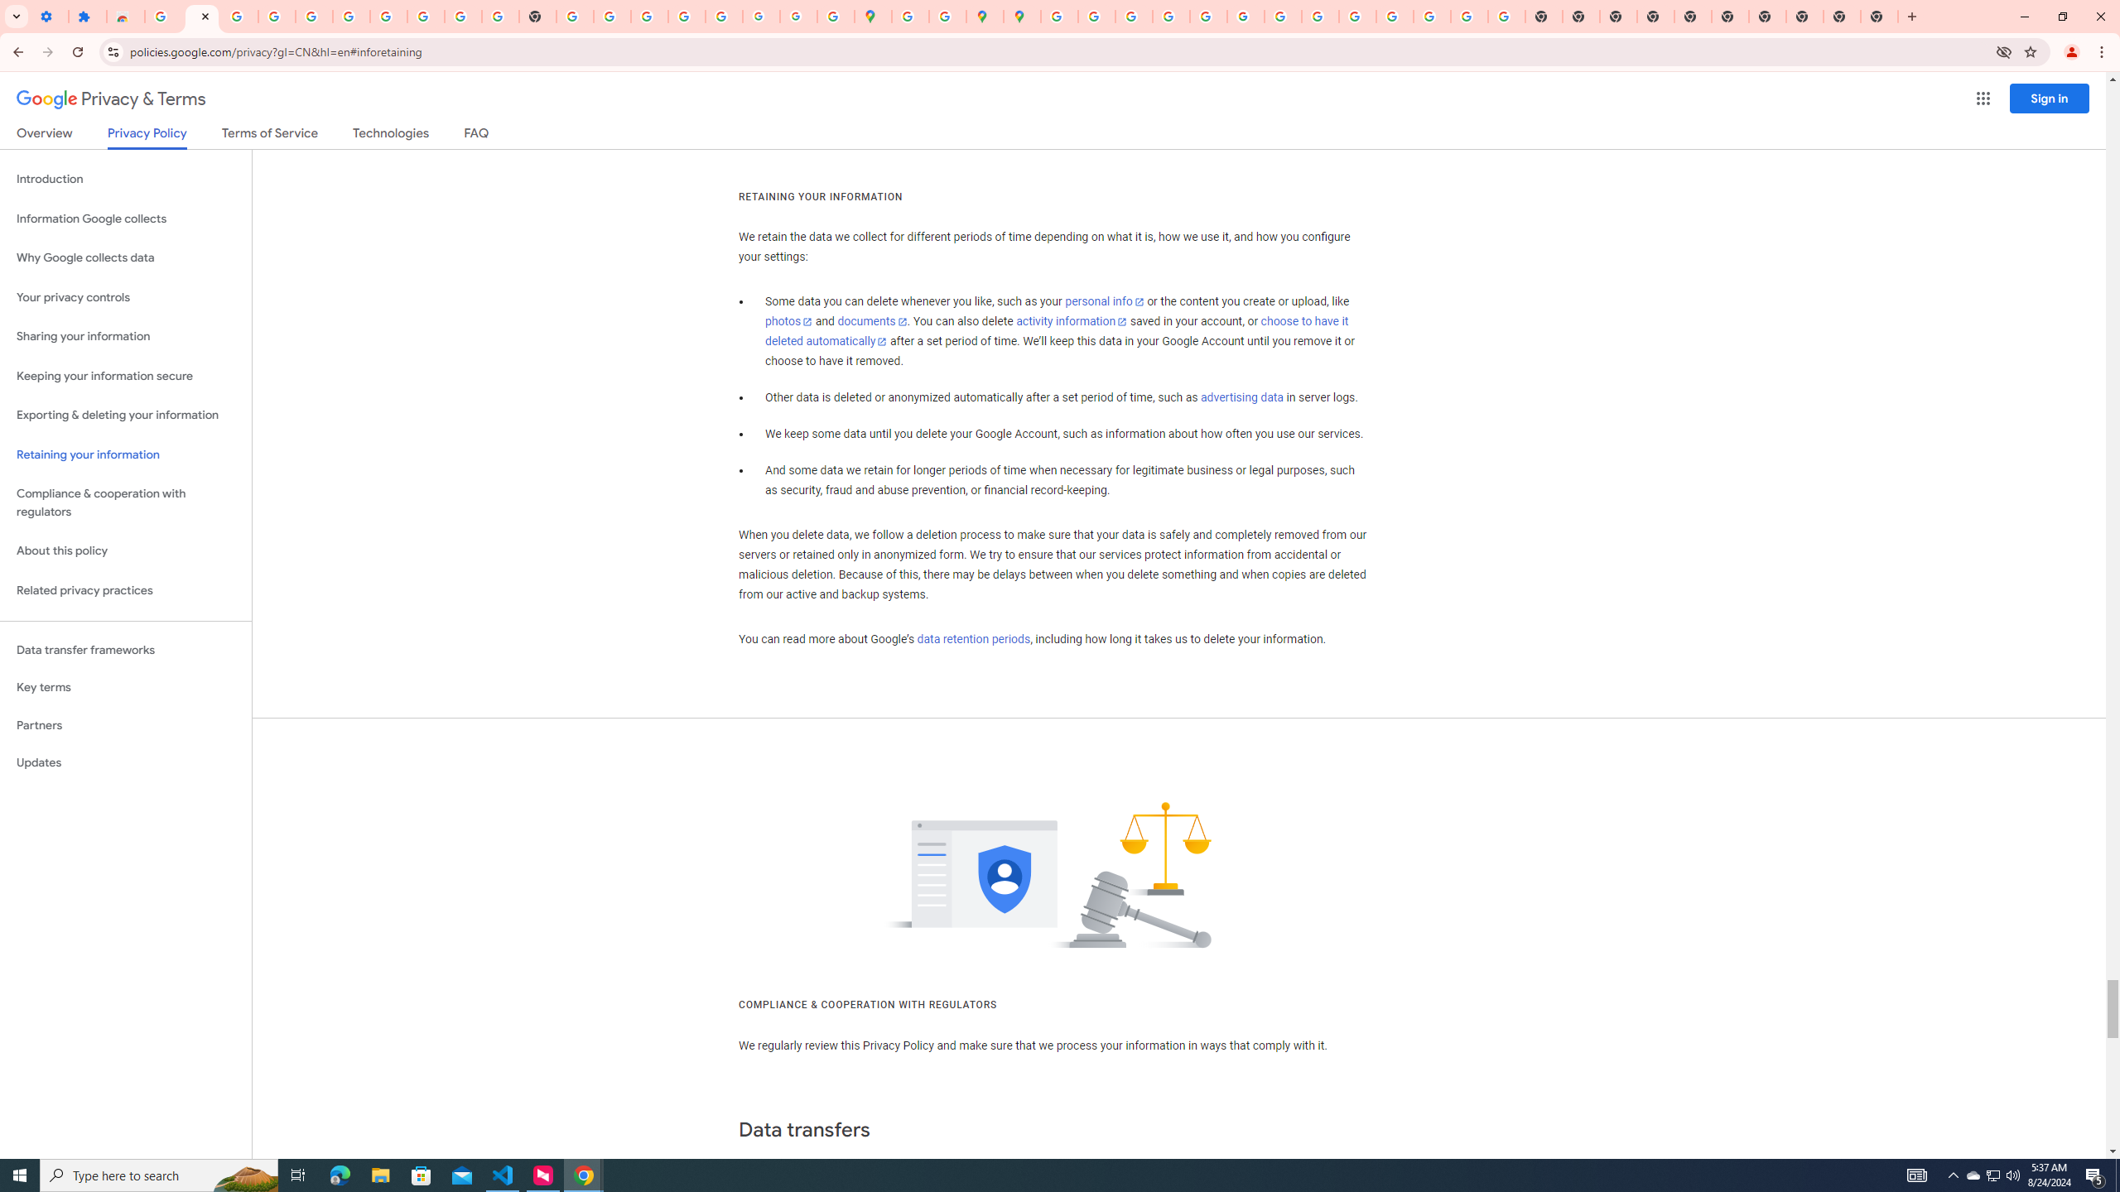  What do you see at coordinates (871, 320) in the screenshot?
I see `'documents'` at bounding box center [871, 320].